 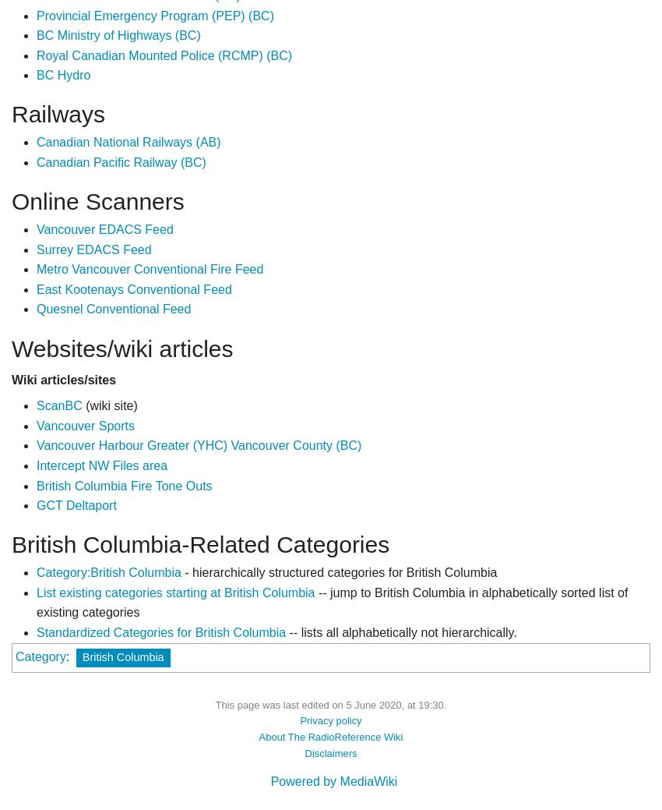 What do you see at coordinates (163, 54) in the screenshot?
I see `'Royal Canadian Mounted Police (RCMP) (BC)'` at bounding box center [163, 54].